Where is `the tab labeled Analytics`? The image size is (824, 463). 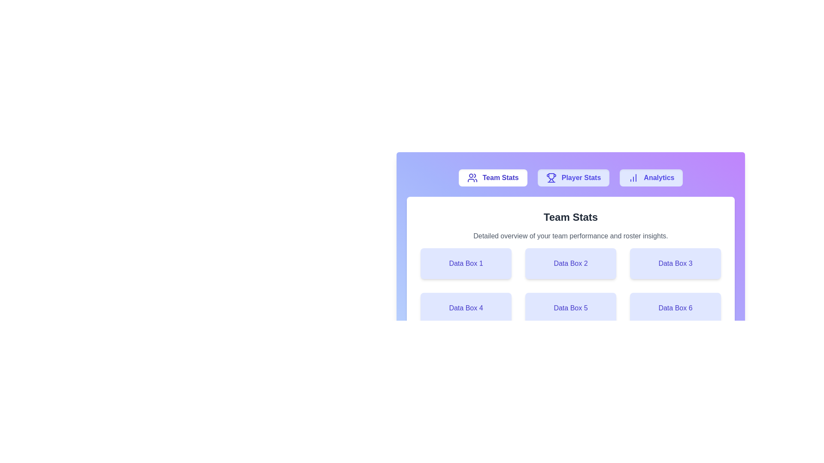 the tab labeled Analytics is located at coordinates (651, 177).